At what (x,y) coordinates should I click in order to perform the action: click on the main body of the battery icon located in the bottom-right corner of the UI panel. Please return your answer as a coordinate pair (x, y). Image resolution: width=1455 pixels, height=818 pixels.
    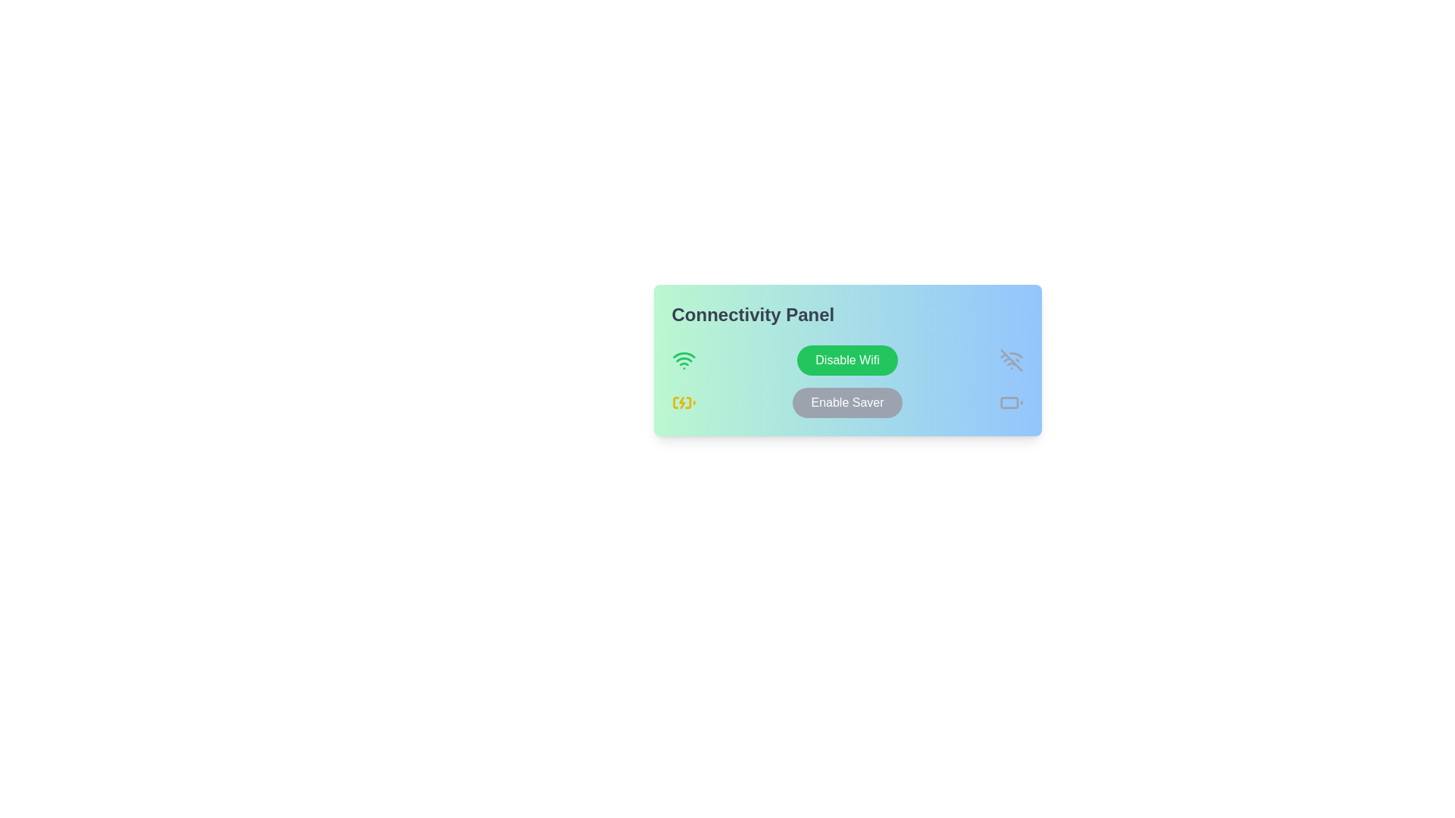
    Looking at the image, I should click on (1009, 402).